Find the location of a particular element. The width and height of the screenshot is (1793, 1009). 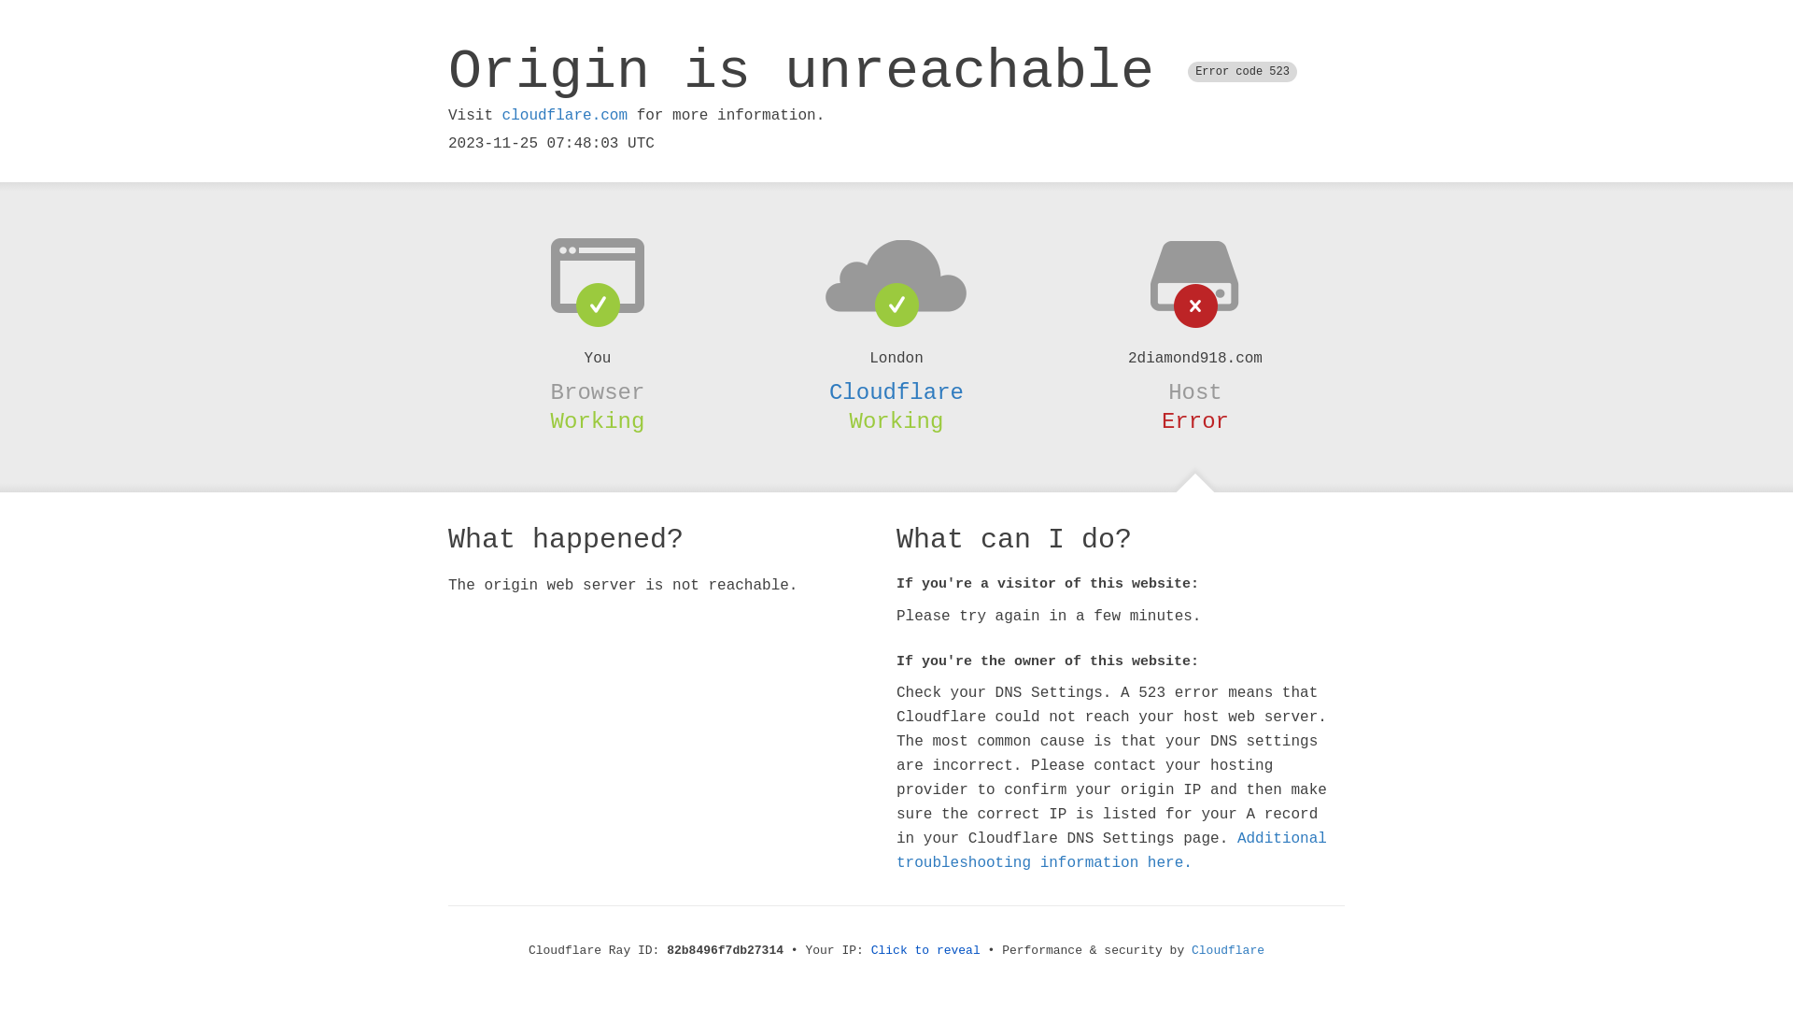

'Cloudflare' is located at coordinates (1191, 950).